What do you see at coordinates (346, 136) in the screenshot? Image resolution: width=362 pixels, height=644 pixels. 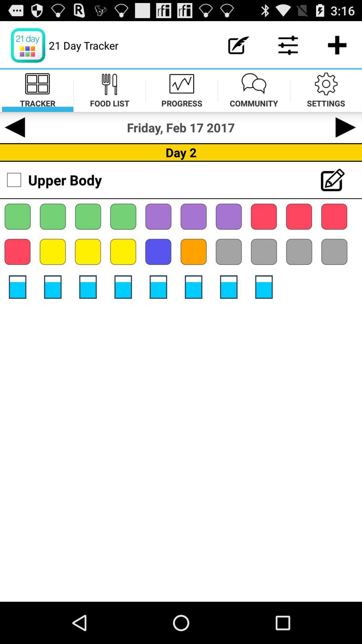 I see `the play icon` at bounding box center [346, 136].